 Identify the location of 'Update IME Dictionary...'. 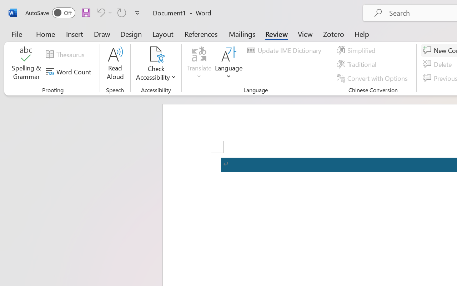
(285, 50).